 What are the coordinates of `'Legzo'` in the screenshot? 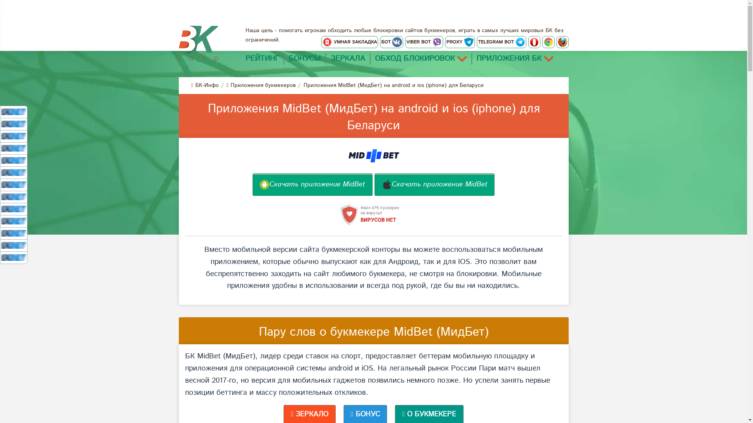 It's located at (13, 233).